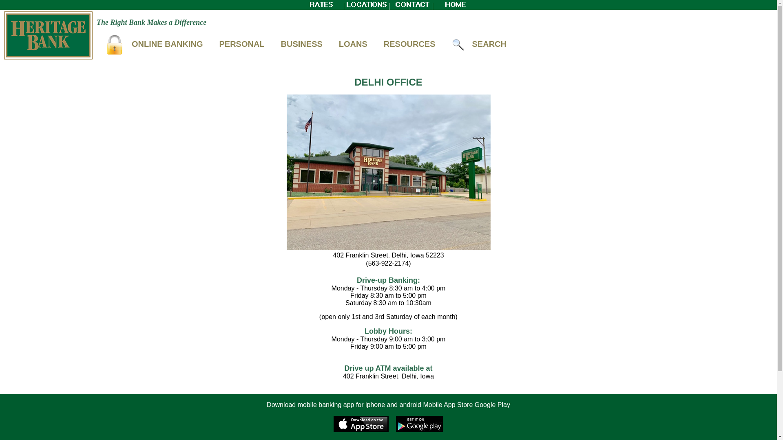 This screenshot has width=783, height=440. Describe the element at coordinates (272, 44) in the screenshot. I see `'BUSINESS'` at that location.